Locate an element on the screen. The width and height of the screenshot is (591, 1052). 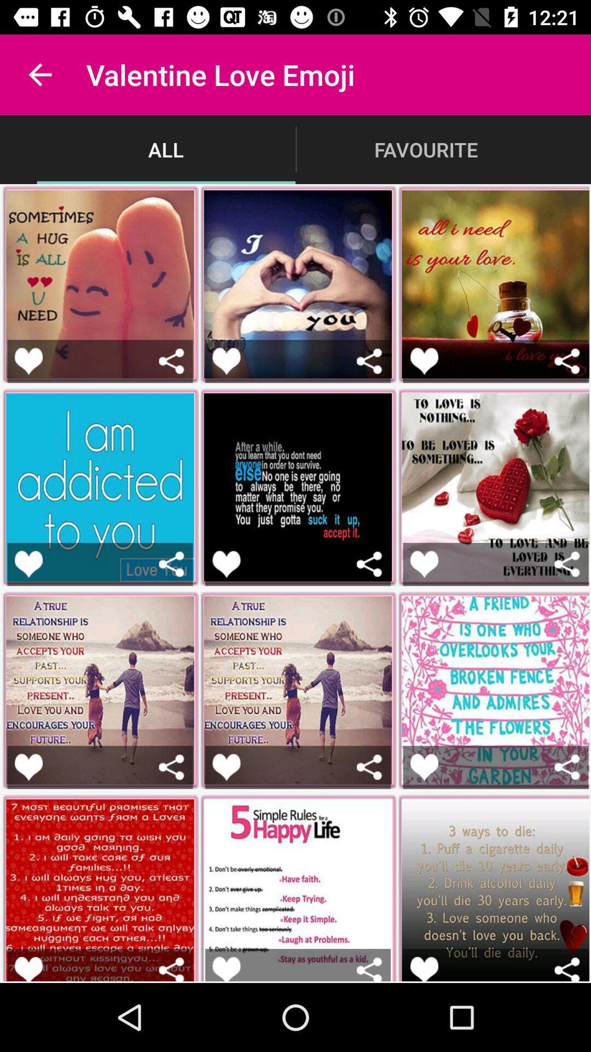
image is located at coordinates (28, 767).